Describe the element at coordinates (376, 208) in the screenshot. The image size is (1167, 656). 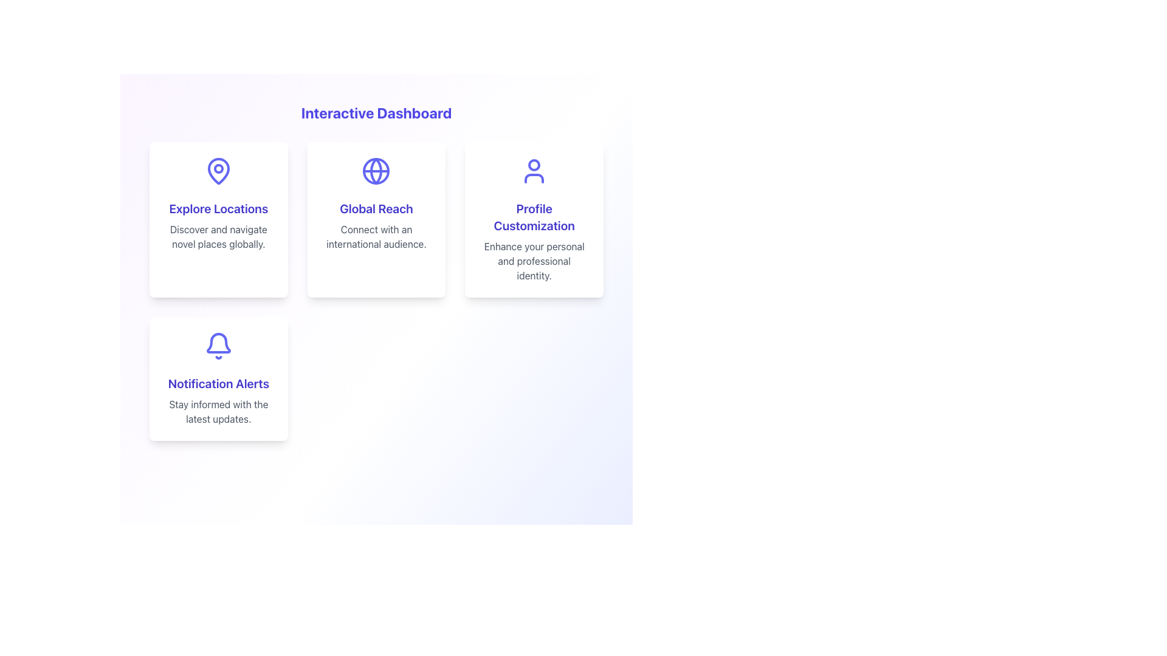
I see `the 'Global Reach' heading text within the second card of the dashboard's 2x2 grid layout` at that location.